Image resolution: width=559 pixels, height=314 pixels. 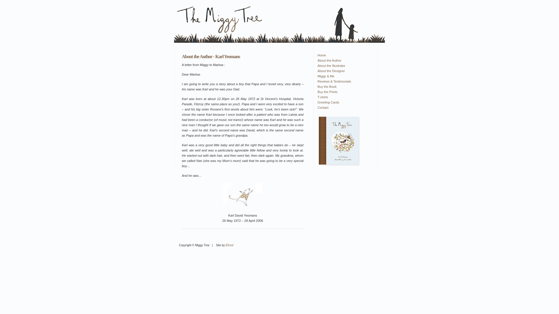 I want to click on 'About the Author', so click(x=344, y=60).